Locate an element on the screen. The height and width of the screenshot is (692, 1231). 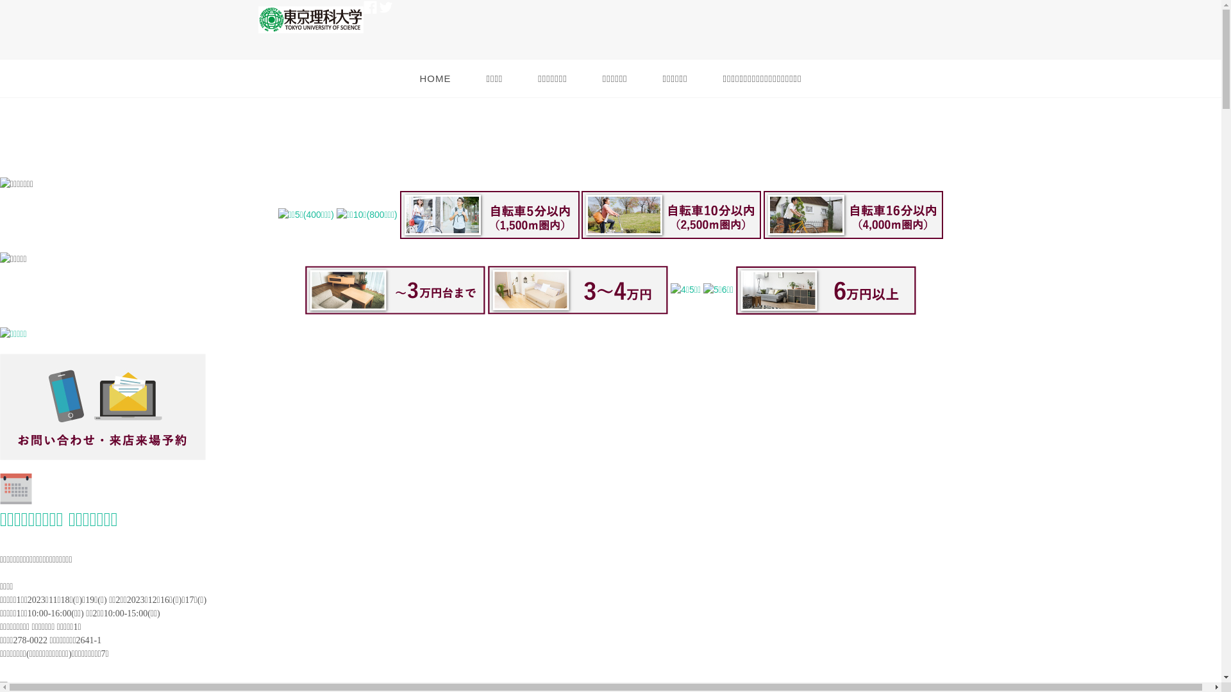
'HOME' is located at coordinates (435, 79).